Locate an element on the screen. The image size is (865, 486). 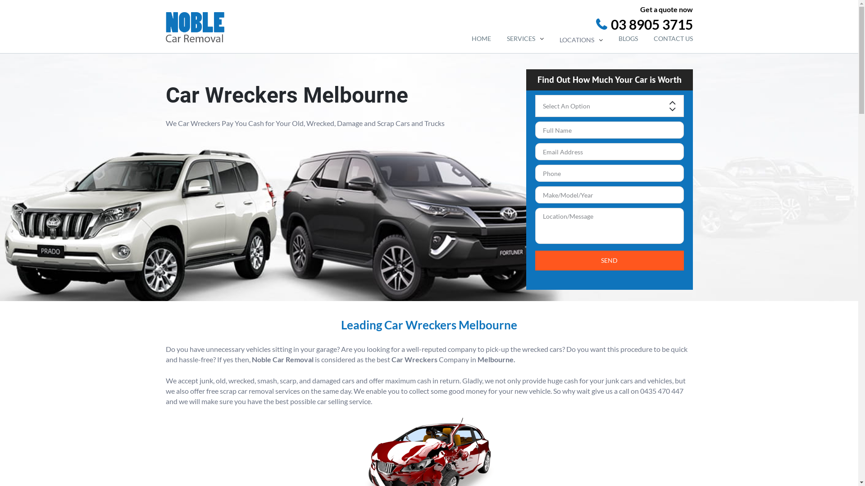
'BLOGS' is located at coordinates (627, 38).